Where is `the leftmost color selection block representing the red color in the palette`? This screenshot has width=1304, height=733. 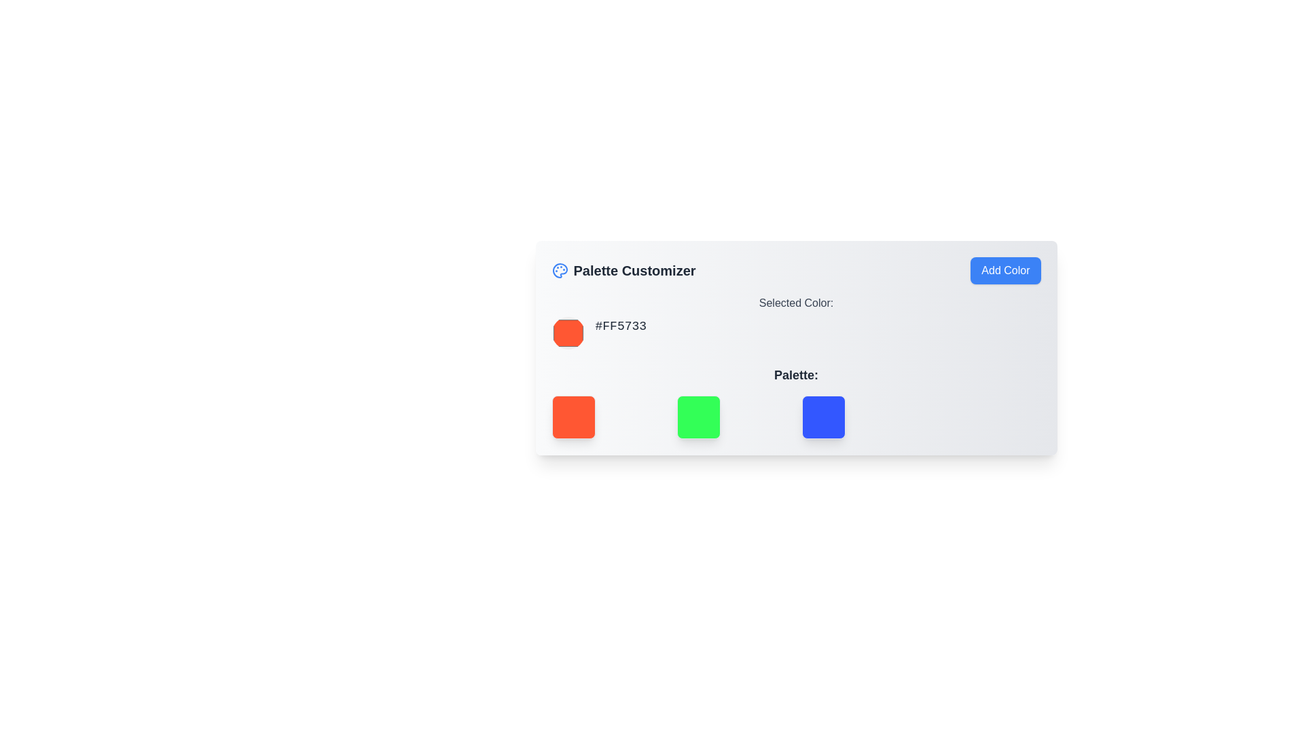
the leftmost color selection block representing the red color in the palette is located at coordinates (573, 416).